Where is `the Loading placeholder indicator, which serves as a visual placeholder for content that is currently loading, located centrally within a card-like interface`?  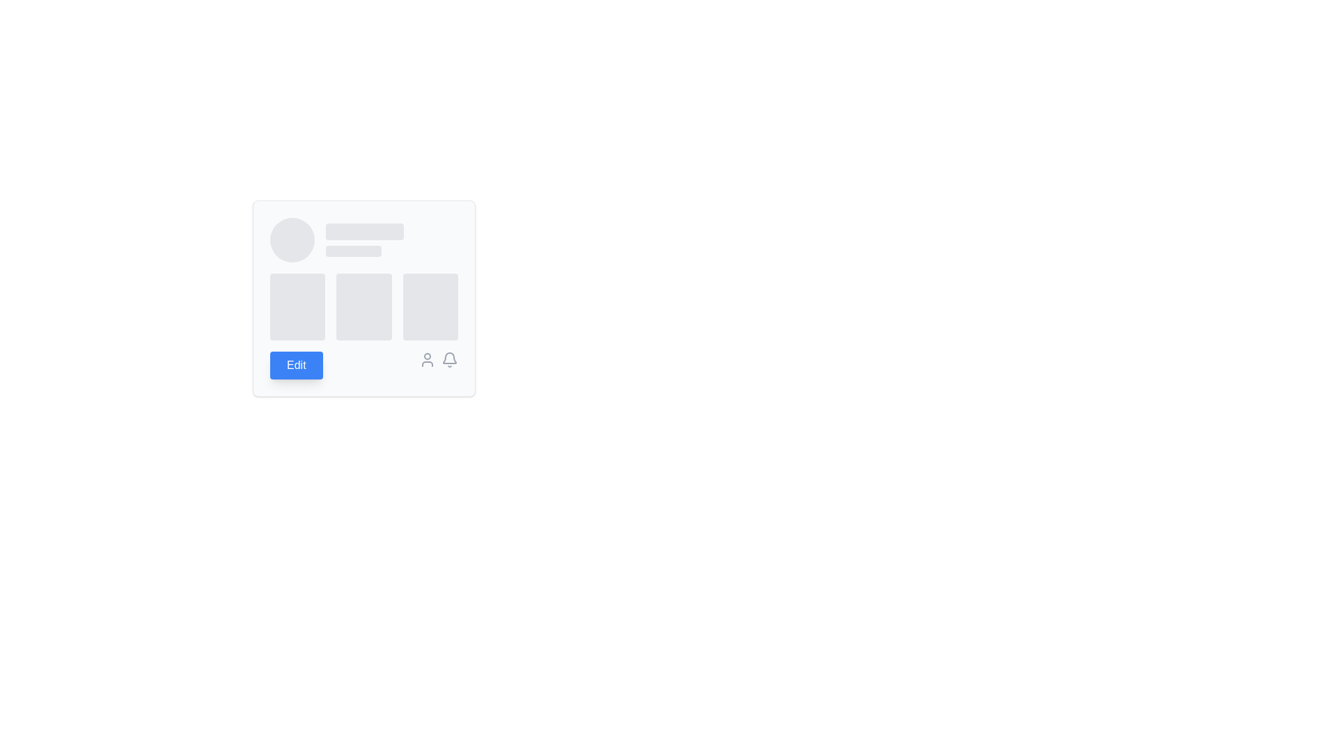
the Loading placeholder indicator, which serves as a visual placeholder for content that is currently loading, located centrally within a card-like interface is located at coordinates (364, 230).